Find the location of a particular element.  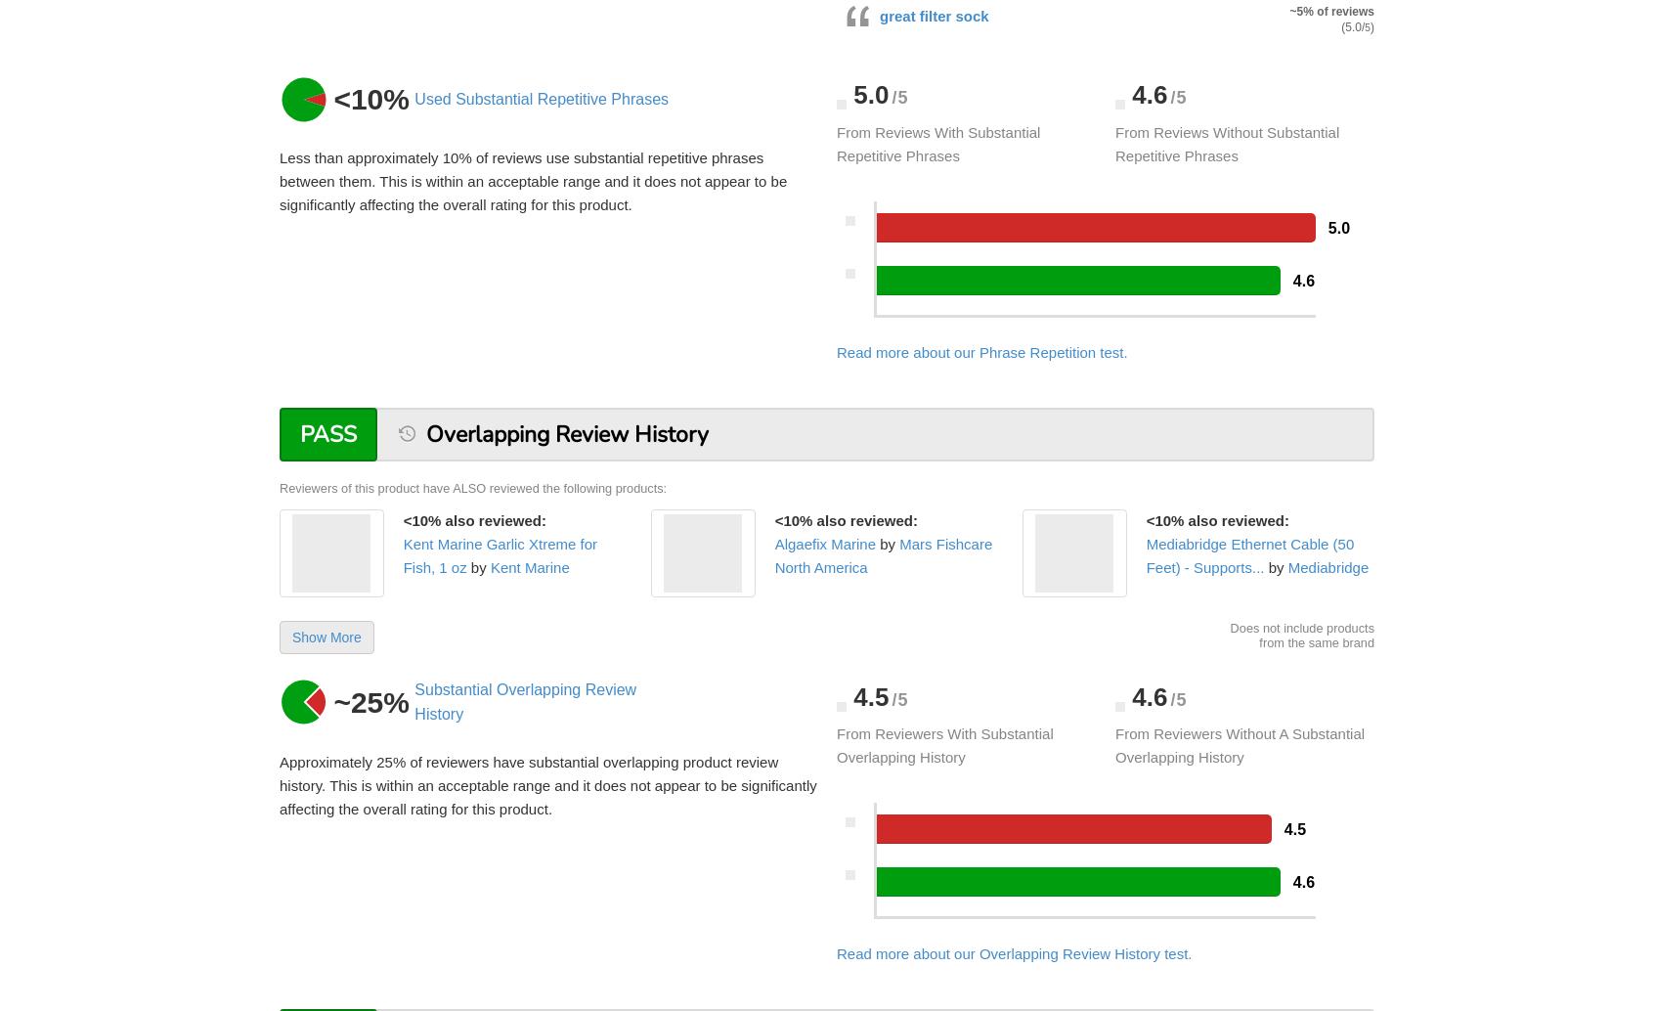

'Kent Marine Garlic Xtreme for Fish, 1 oz' is located at coordinates (500, 554).